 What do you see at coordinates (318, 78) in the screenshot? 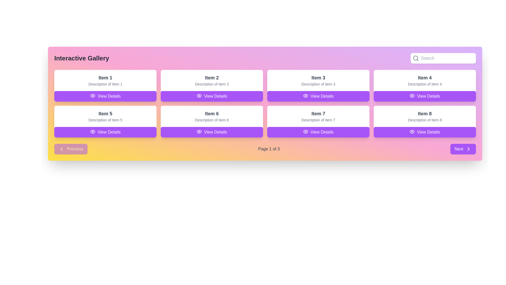
I see `the static text label that reads 'Item 3', which is the heading of the third card in the first row of a grid layout` at bounding box center [318, 78].